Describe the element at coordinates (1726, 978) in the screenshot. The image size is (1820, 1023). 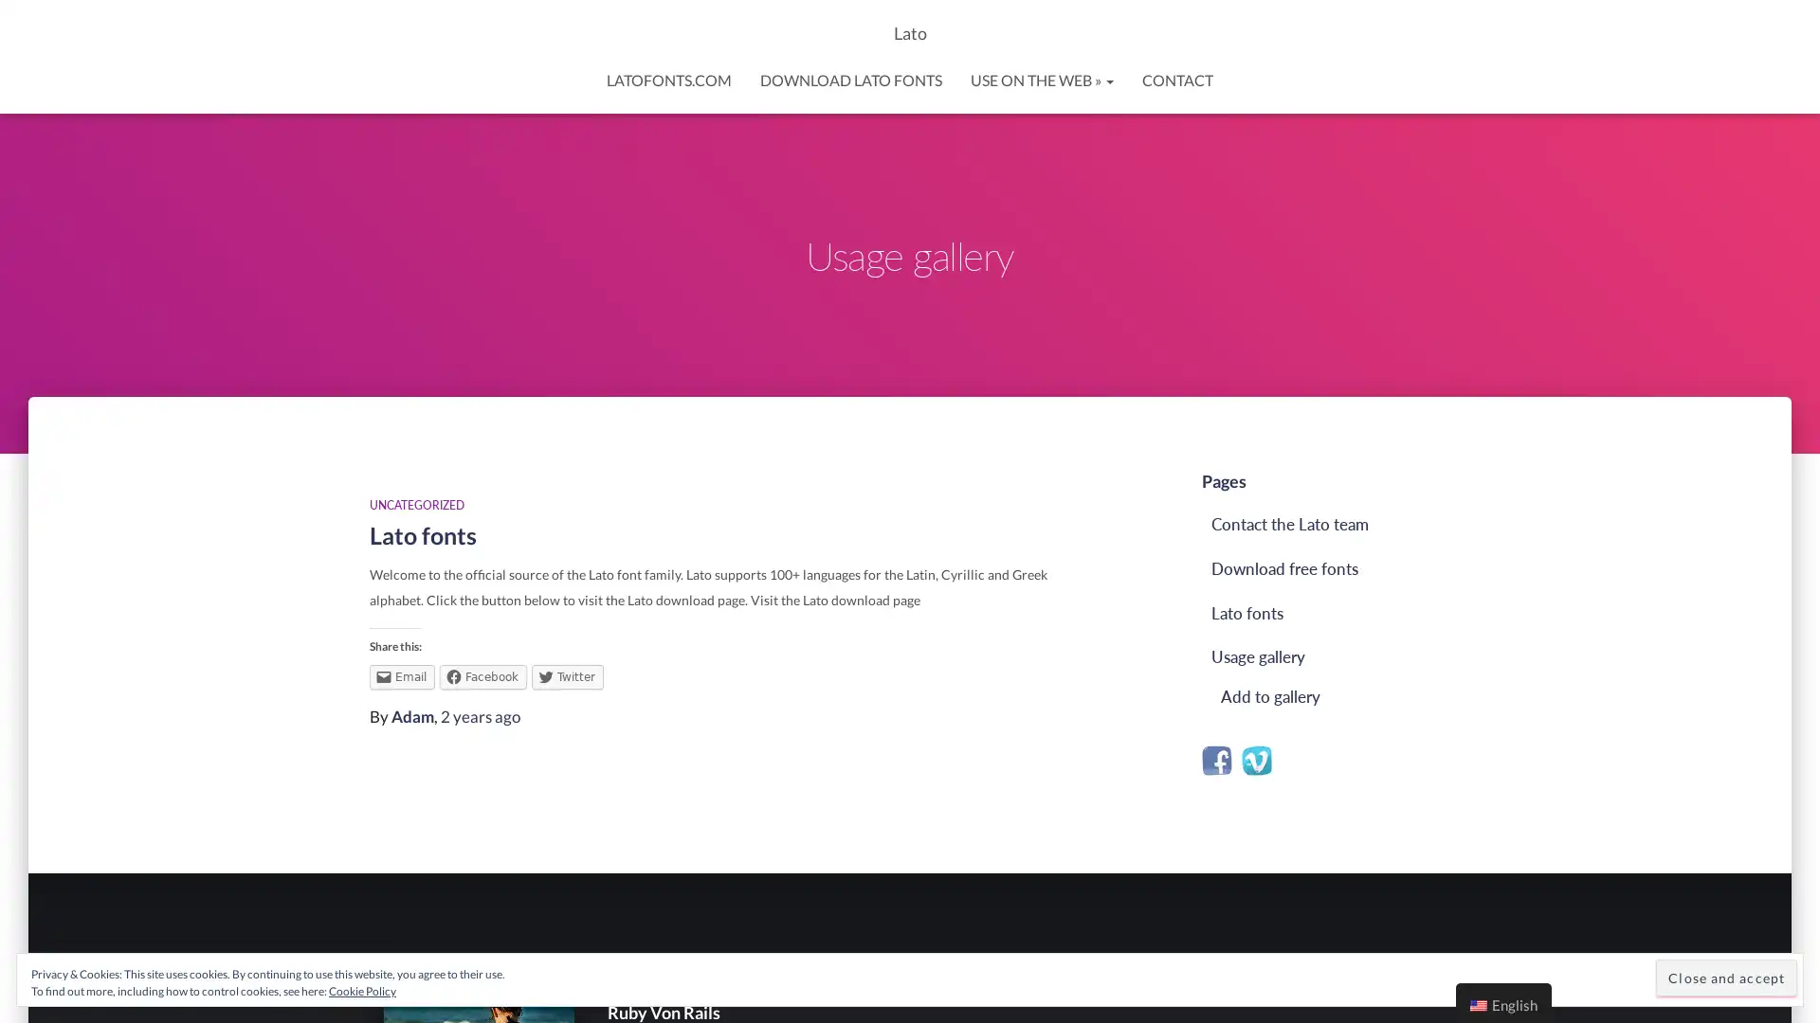
I see `Close and accept` at that location.